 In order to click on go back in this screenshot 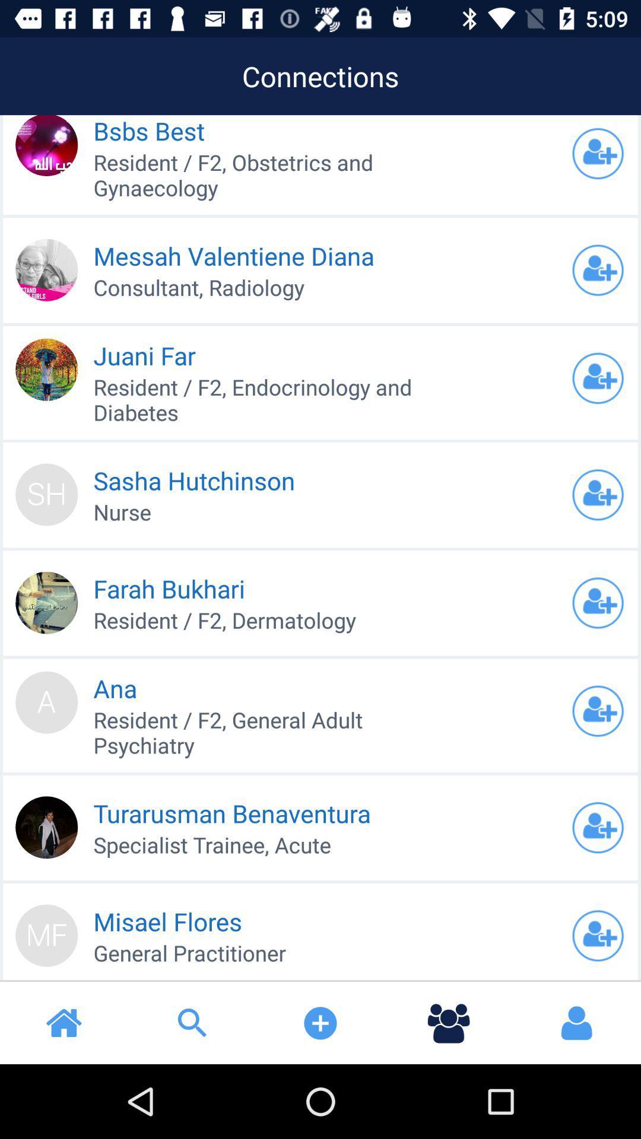, I will do `click(598, 377)`.